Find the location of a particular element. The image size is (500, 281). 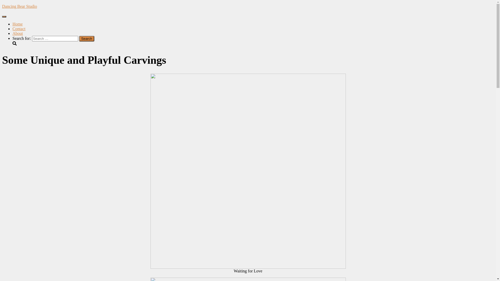

'Toggle Navigation' is located at coordinates (4, 16).